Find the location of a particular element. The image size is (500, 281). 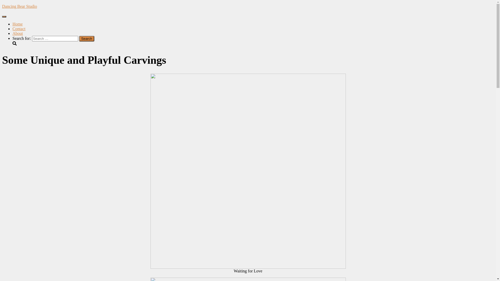

'Toggle Navigation' is located at coordinates (4, 16).